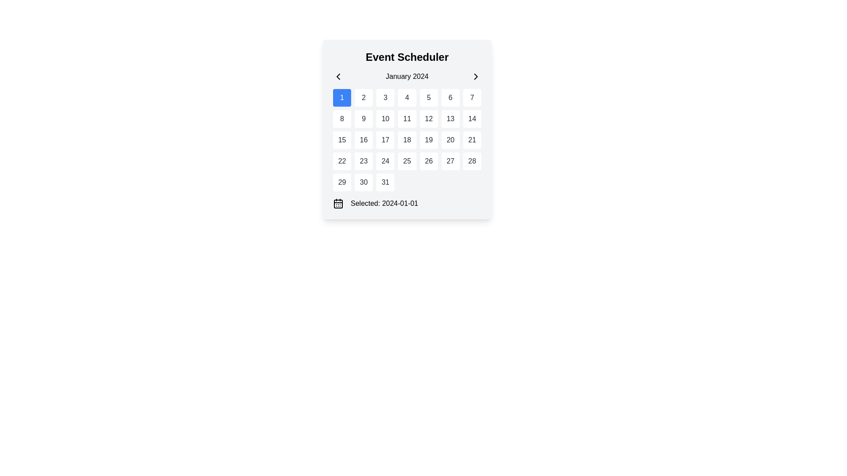 This screenshot has height=476, width=847. What do you see at coordinates (429, 119) in the screenshot?
I see `the calendar day button representing the number '12', styled with a white background and gray centered text, located in the second row and sixth column of the January 2024 grid` at bounding box center [429, 119].